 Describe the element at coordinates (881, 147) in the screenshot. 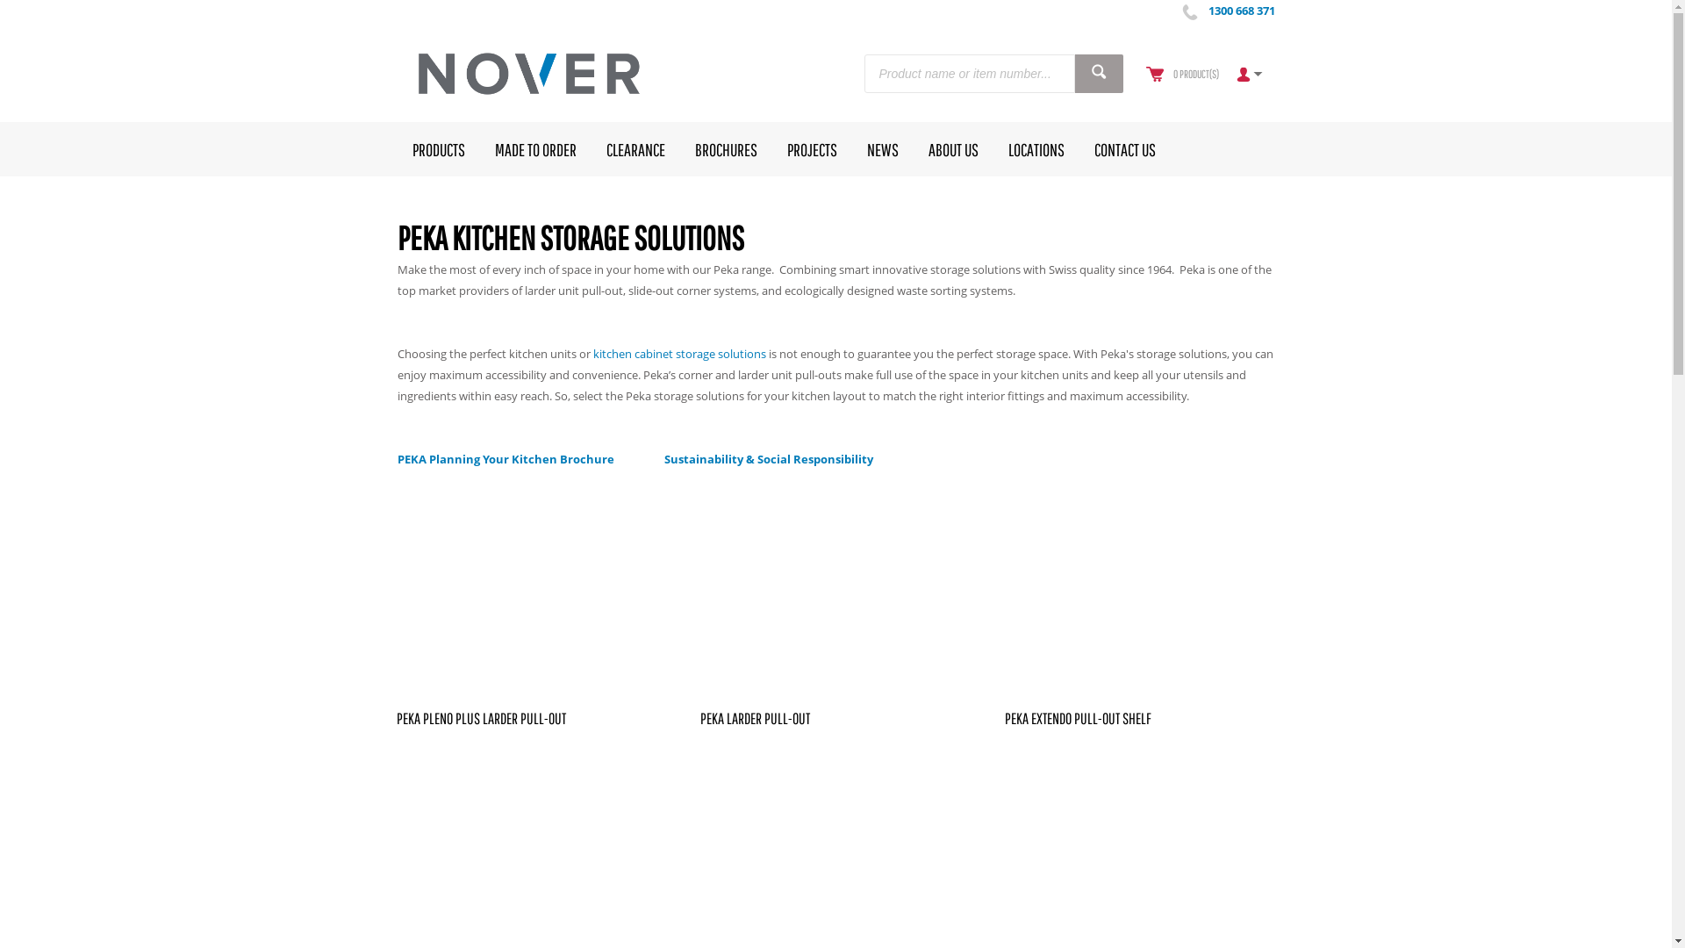

I see `'NEWS'` at that location.